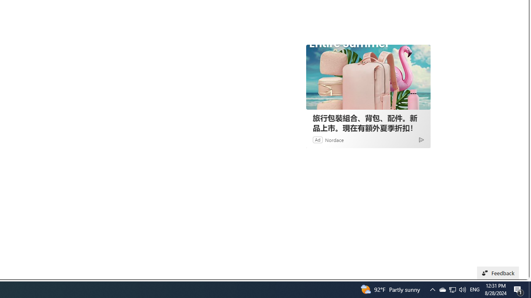  What do you see at coordinates (498, 273) in the screenshot?
I see `'Feedback'` at bounding box center [498, 273].